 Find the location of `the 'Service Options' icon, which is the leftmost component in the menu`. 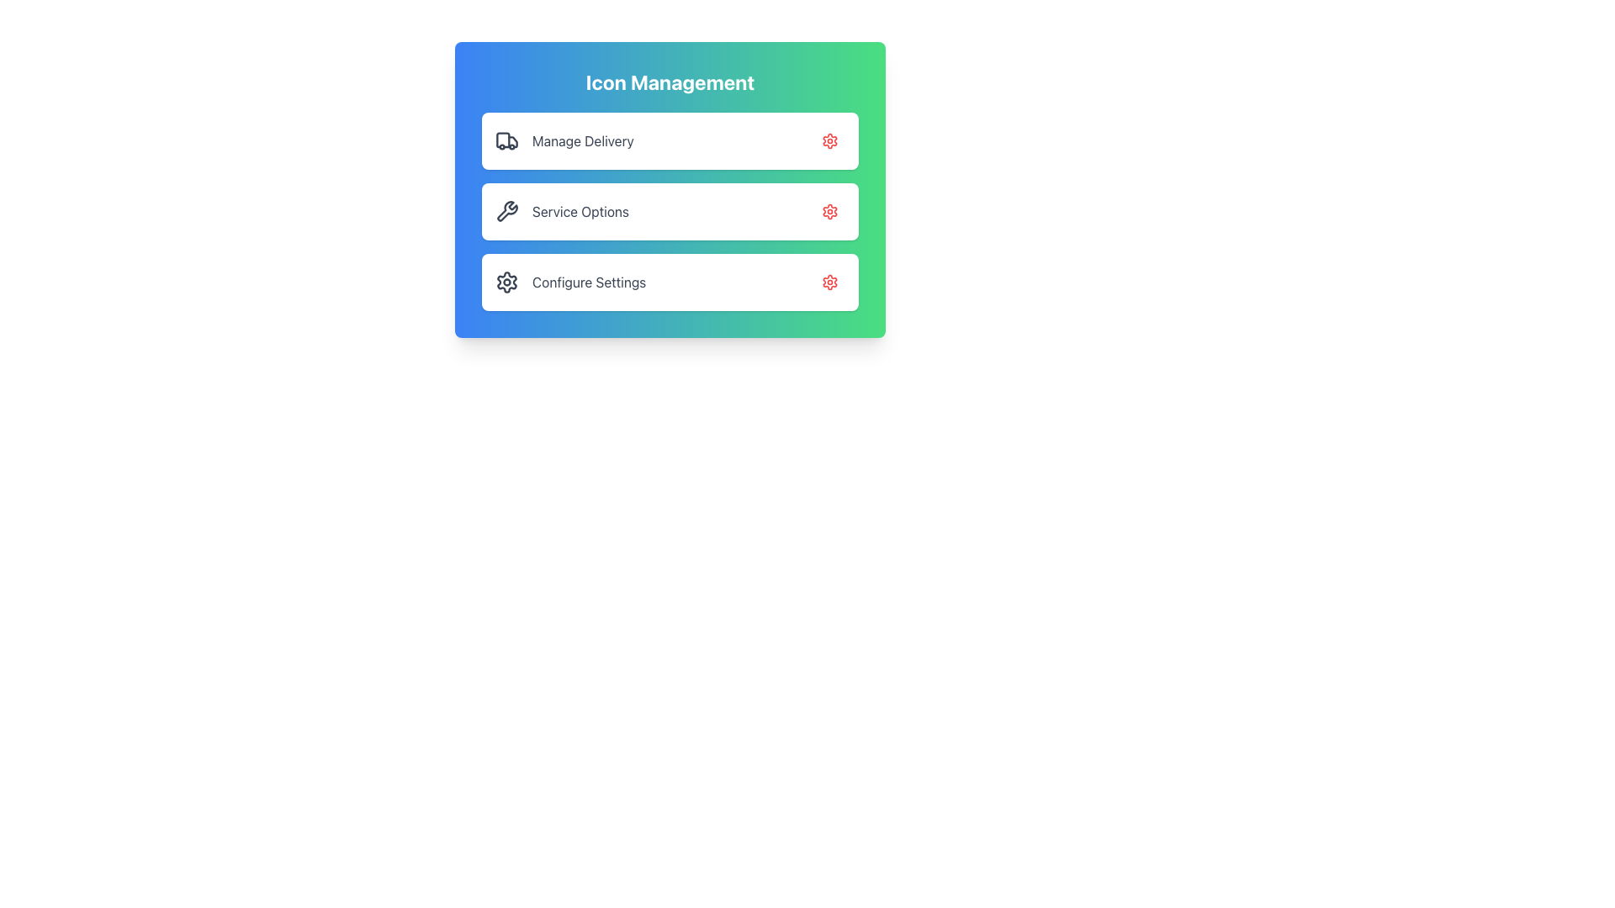

the 'Service Options' icon, which is the leftmost component in the menu is located at coordinates (506, 210).